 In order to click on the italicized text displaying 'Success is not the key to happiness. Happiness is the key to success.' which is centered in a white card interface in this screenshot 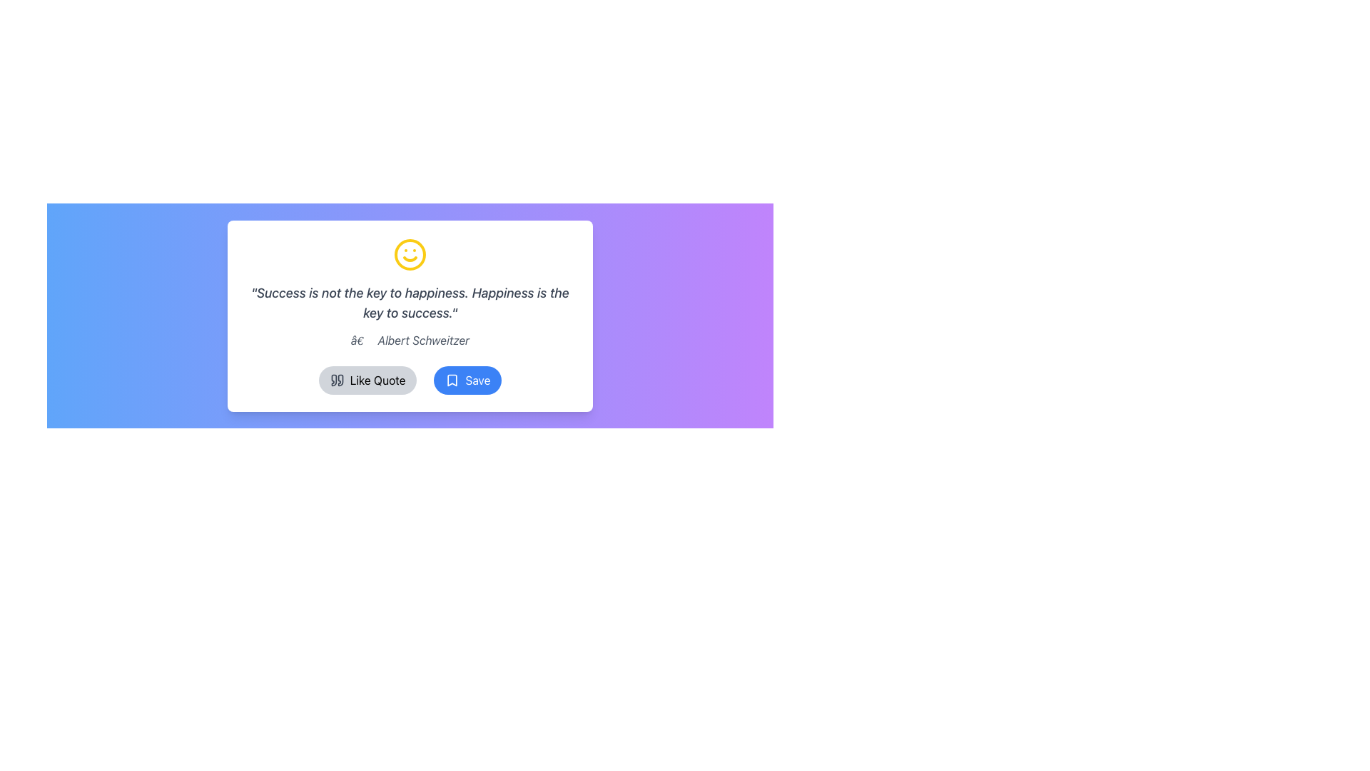, I will do `click(410, 302)`.